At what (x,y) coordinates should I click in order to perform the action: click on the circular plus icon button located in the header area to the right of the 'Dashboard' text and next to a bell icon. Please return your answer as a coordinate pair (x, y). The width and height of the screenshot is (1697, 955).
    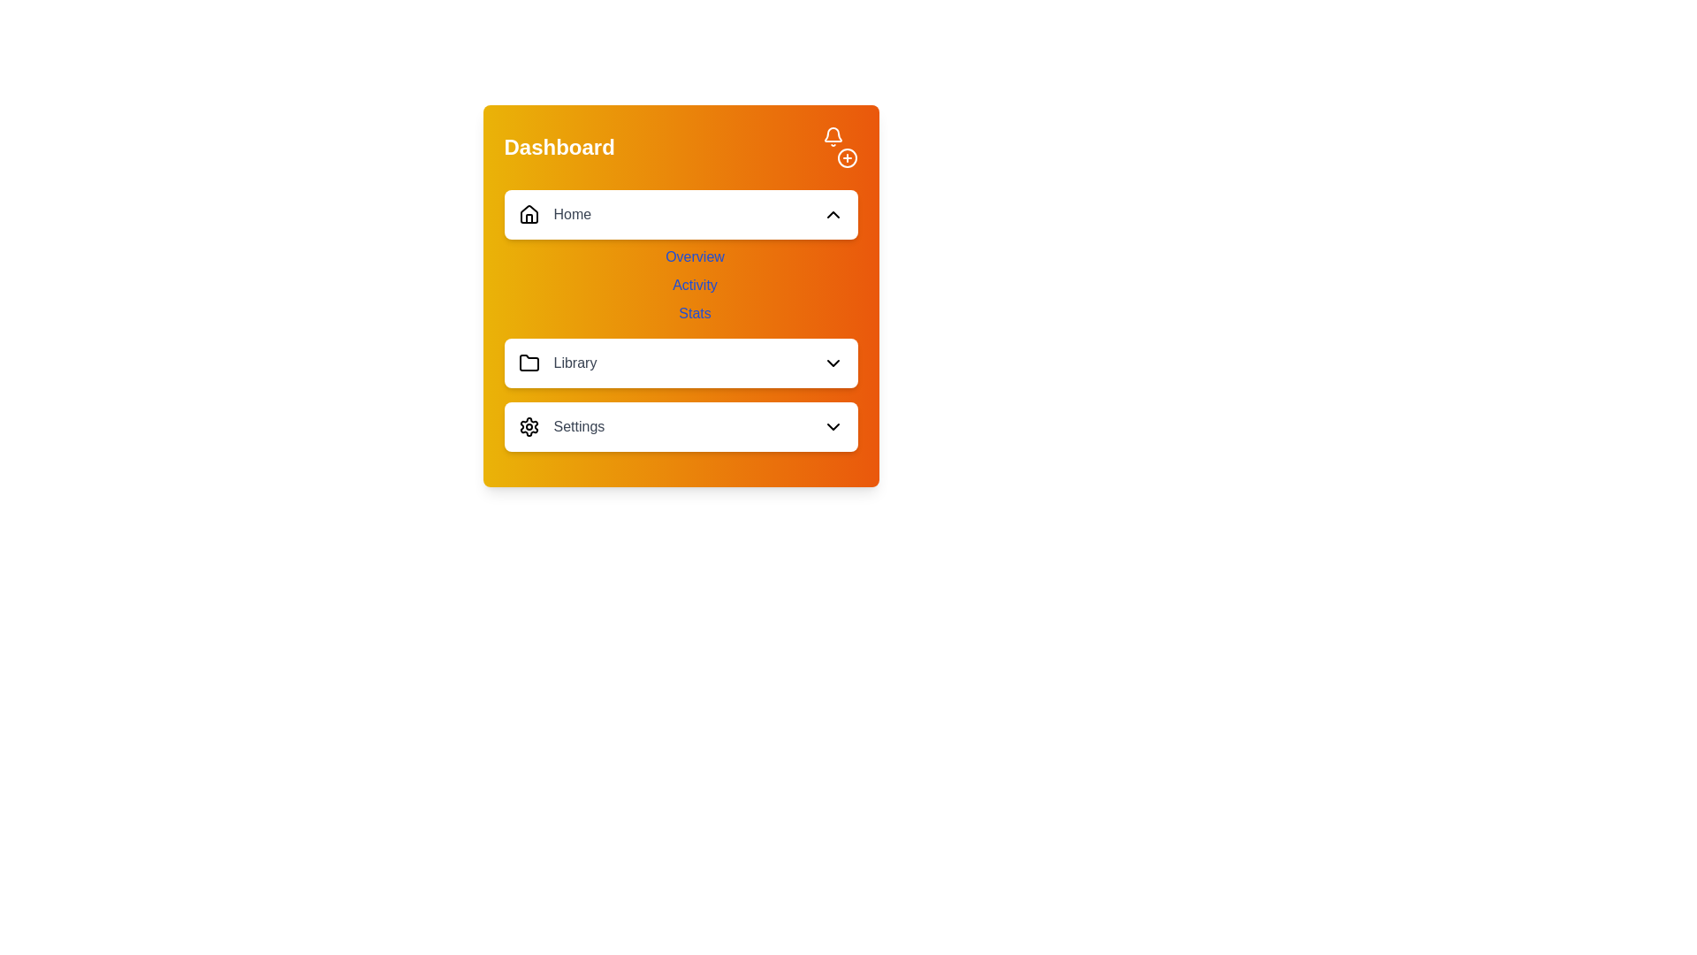
    Looking at the image, I should click on (846, 157).